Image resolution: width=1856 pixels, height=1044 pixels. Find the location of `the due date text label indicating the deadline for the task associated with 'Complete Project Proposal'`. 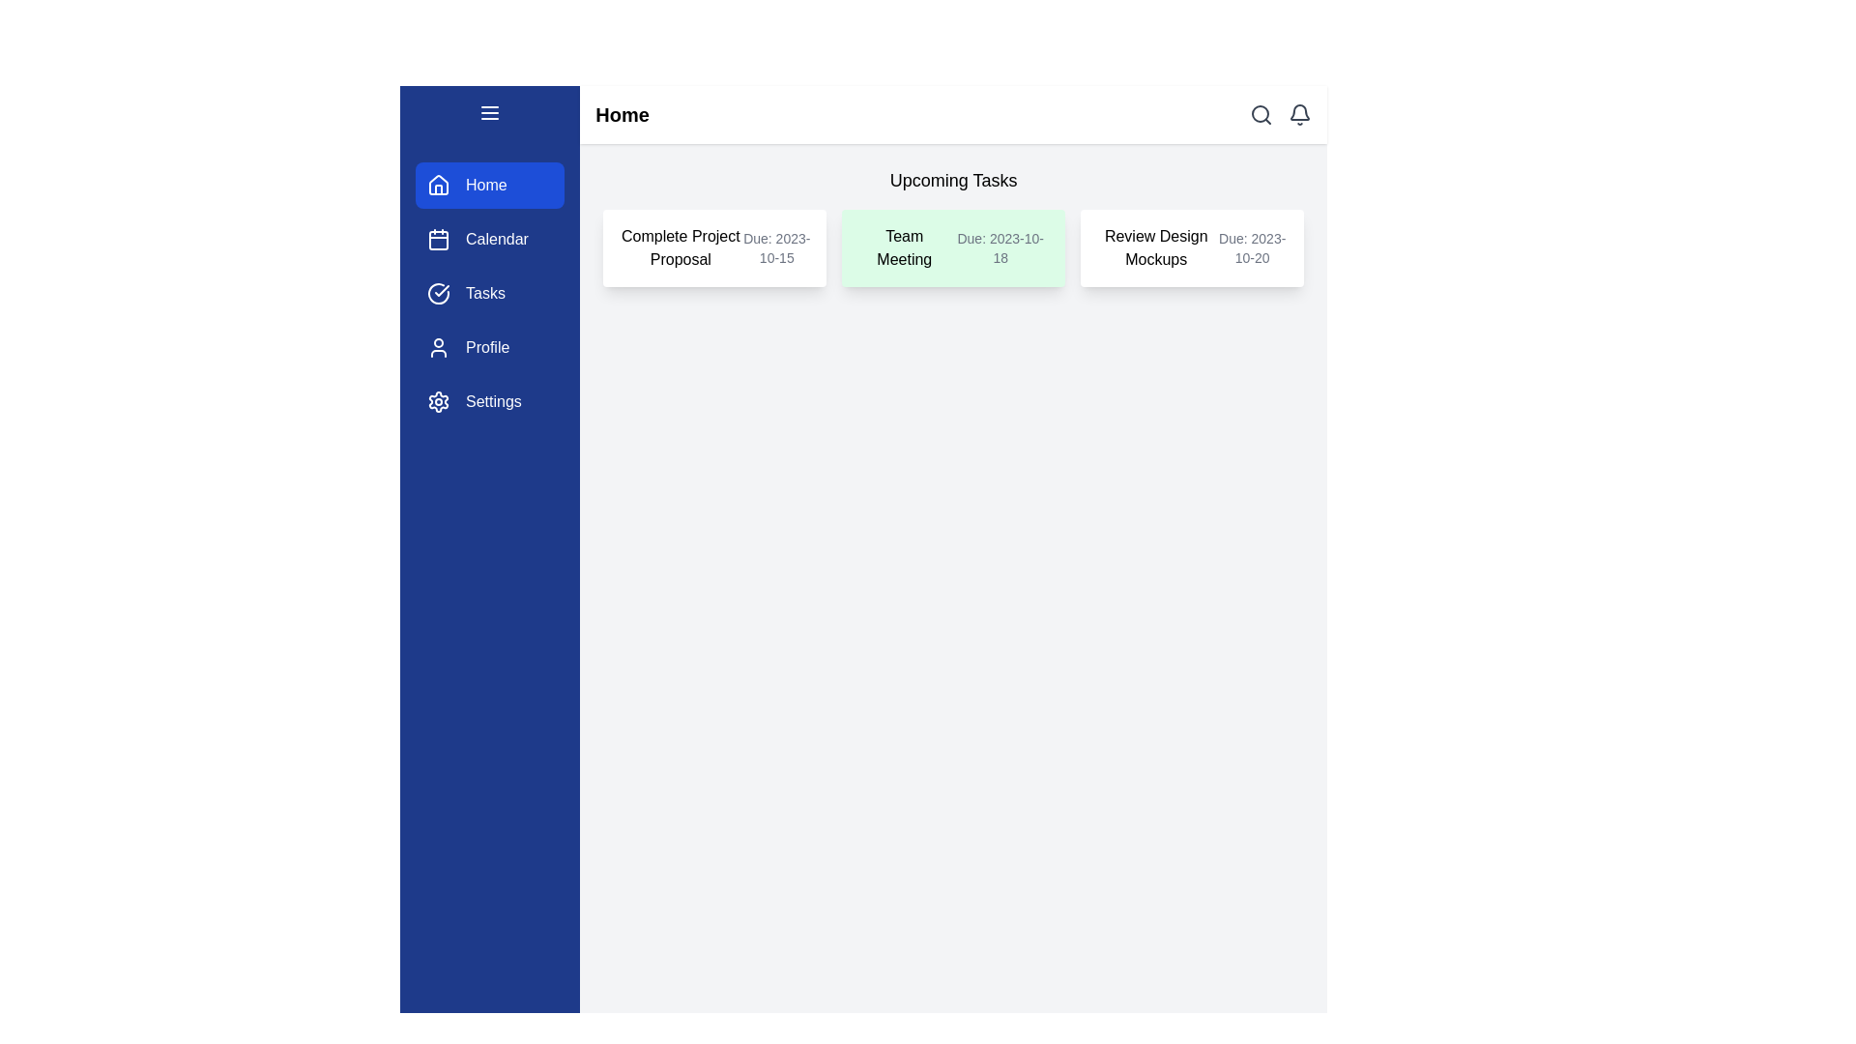

the due date text label indicating the deadline for the task associated with 'Complete Project Proposal' is located at coordinates (776, 247).